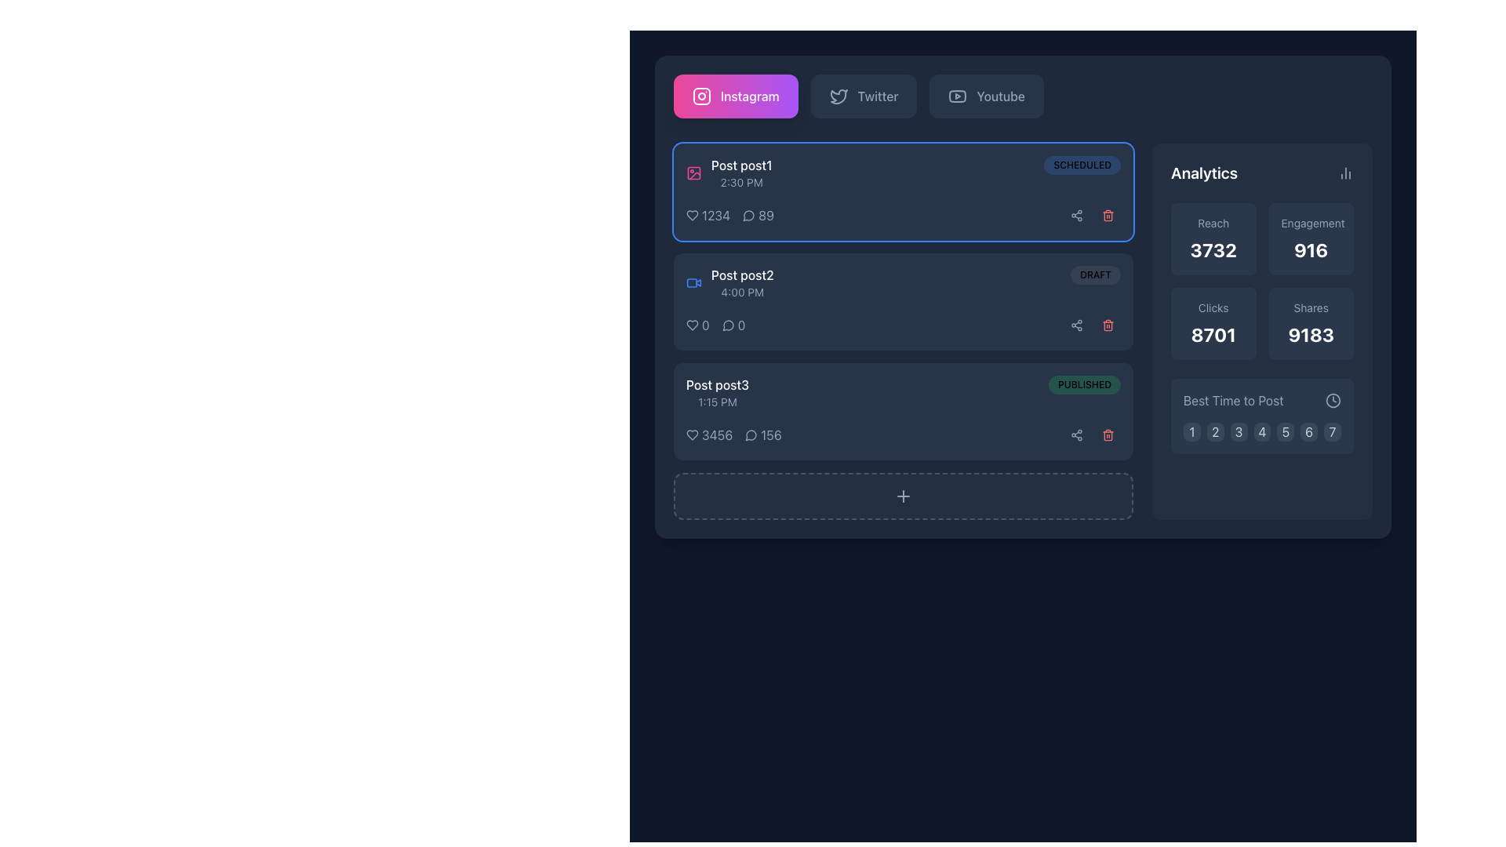 Image resolution: width=1506 pixels, height=847 pixels. Describe the element at coordinates (727, 325) in the screenshot. I see `the small circular message bubble icon with a gray outline located to the left of the number 0 in the statistical overview below the post titled 'Post post2'` at that location.